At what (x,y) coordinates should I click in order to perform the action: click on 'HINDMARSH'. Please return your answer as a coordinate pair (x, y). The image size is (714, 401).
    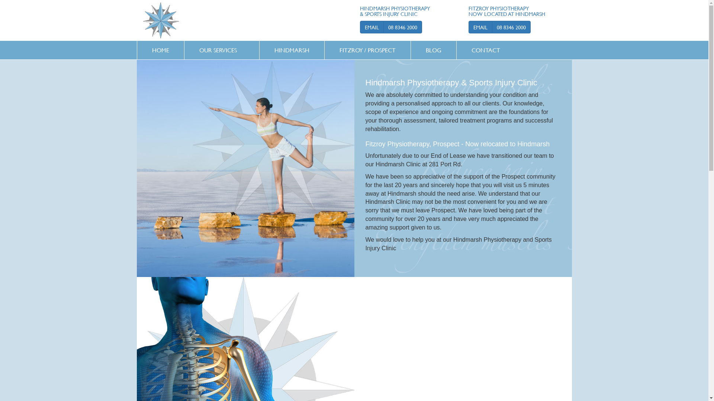
    Looking at the image, I should click on (270, 50).